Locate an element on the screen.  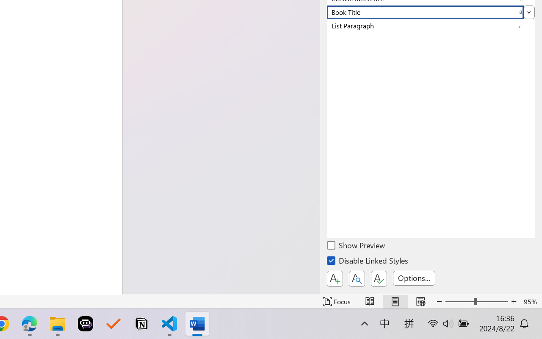
'Options...' is located at coordinates (414, 278).